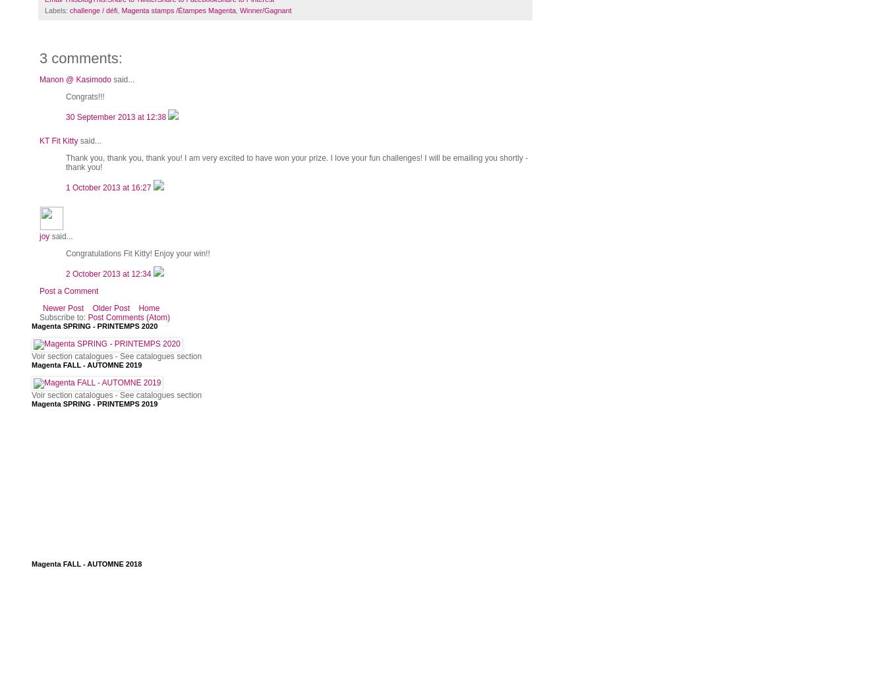  Describe the element at coordinates (86, 363) in the screenshot. I see `'Magenta FALL - AUTOMNE 2019'` at that location.